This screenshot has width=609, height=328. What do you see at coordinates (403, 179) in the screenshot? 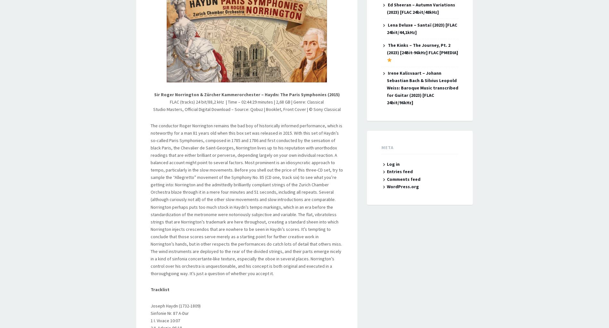
I see `'Comments feed'` at bounding box center [403, 179].